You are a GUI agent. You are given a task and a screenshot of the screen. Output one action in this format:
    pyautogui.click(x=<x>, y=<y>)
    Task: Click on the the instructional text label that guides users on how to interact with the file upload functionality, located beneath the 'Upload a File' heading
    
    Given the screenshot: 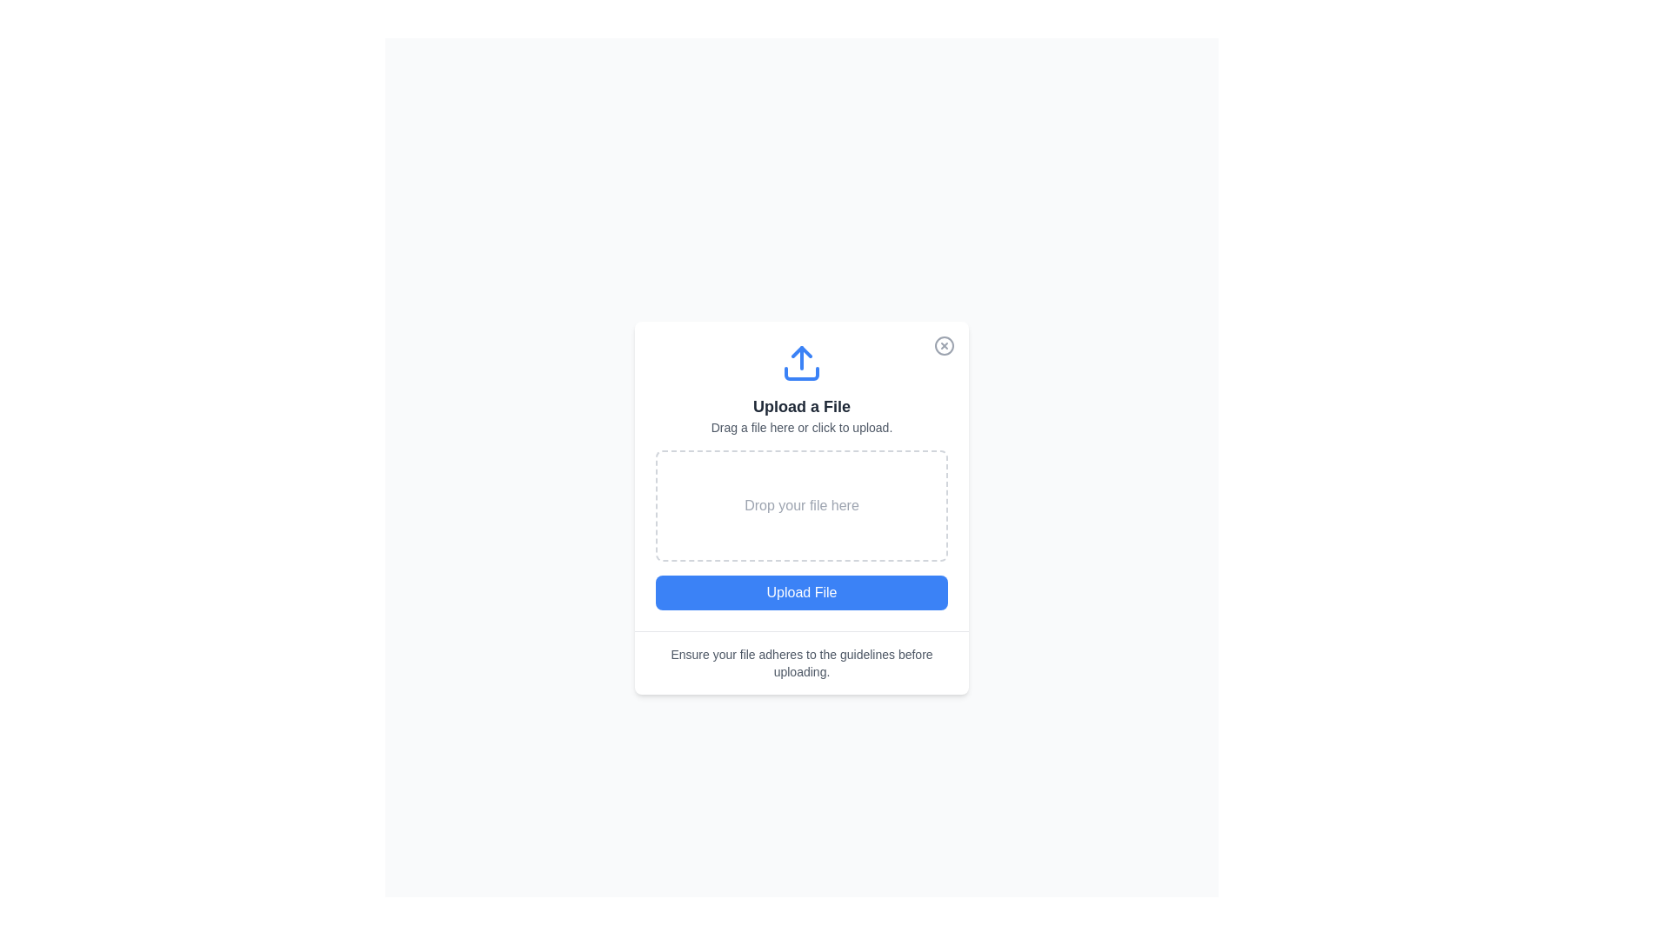 What is the action you would take?
    pyautogui.click(x=800, y=426)
    